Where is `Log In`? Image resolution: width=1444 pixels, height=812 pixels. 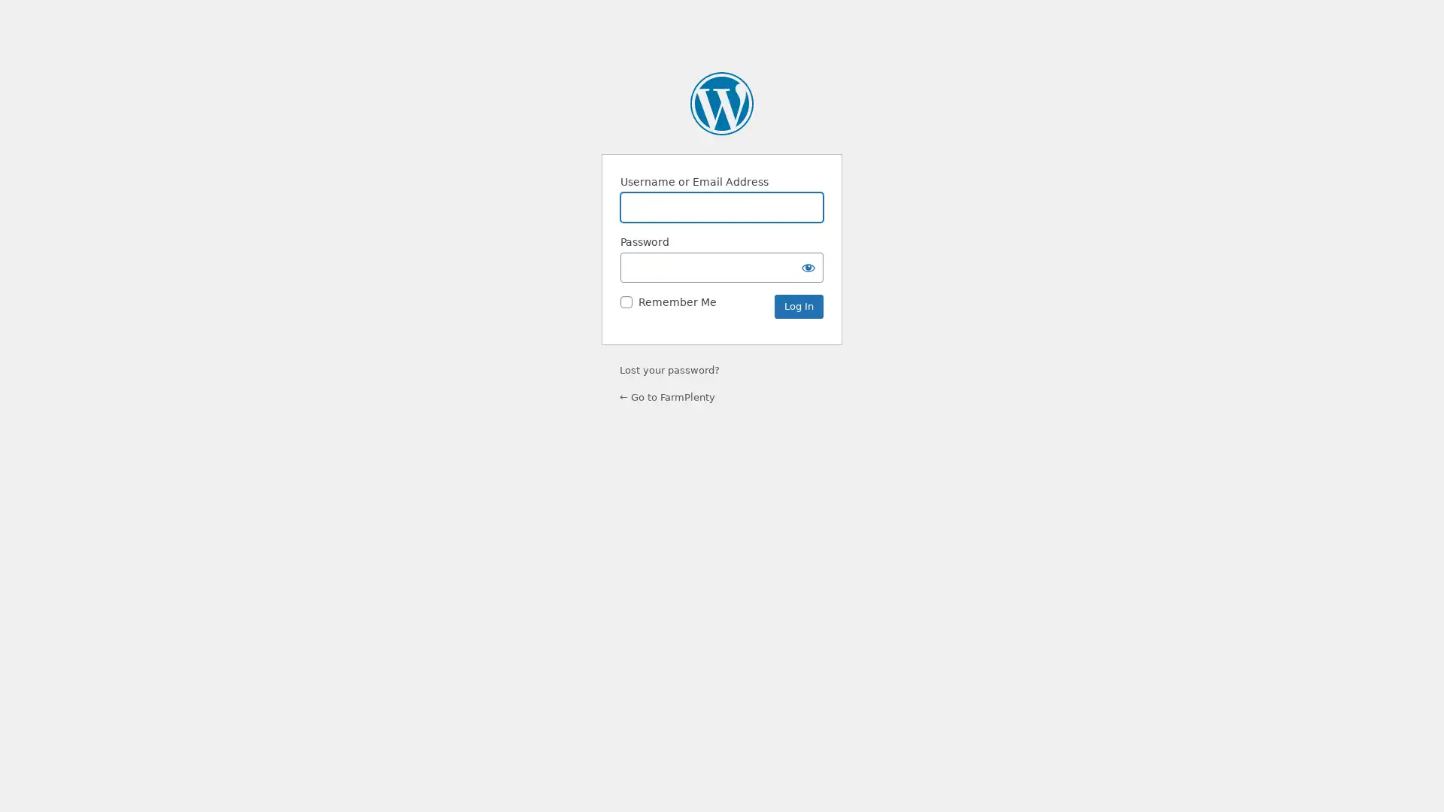
Log In is located at coordinates (798, 306).